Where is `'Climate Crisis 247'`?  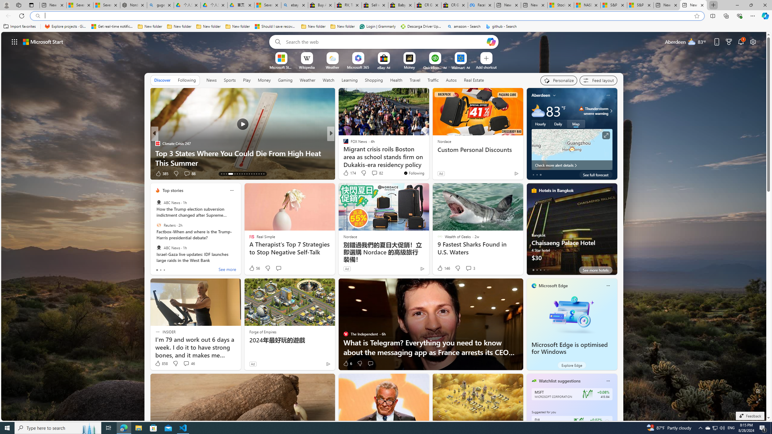 'Climate Crisis 247' is located at coordinates (157, 143).